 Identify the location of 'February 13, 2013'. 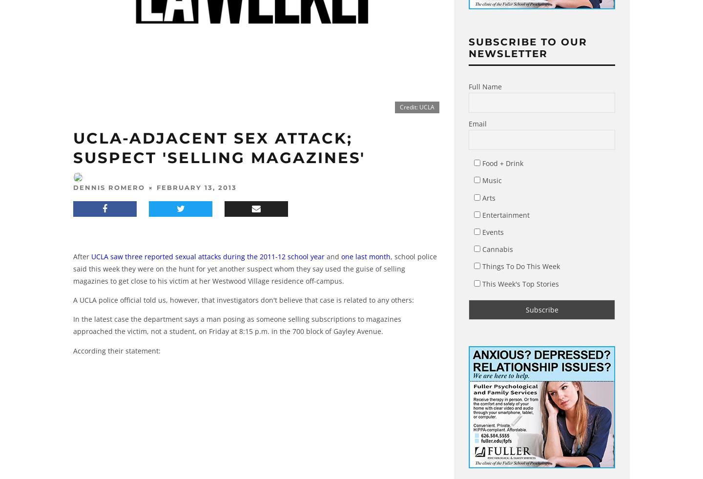
(196, 187).